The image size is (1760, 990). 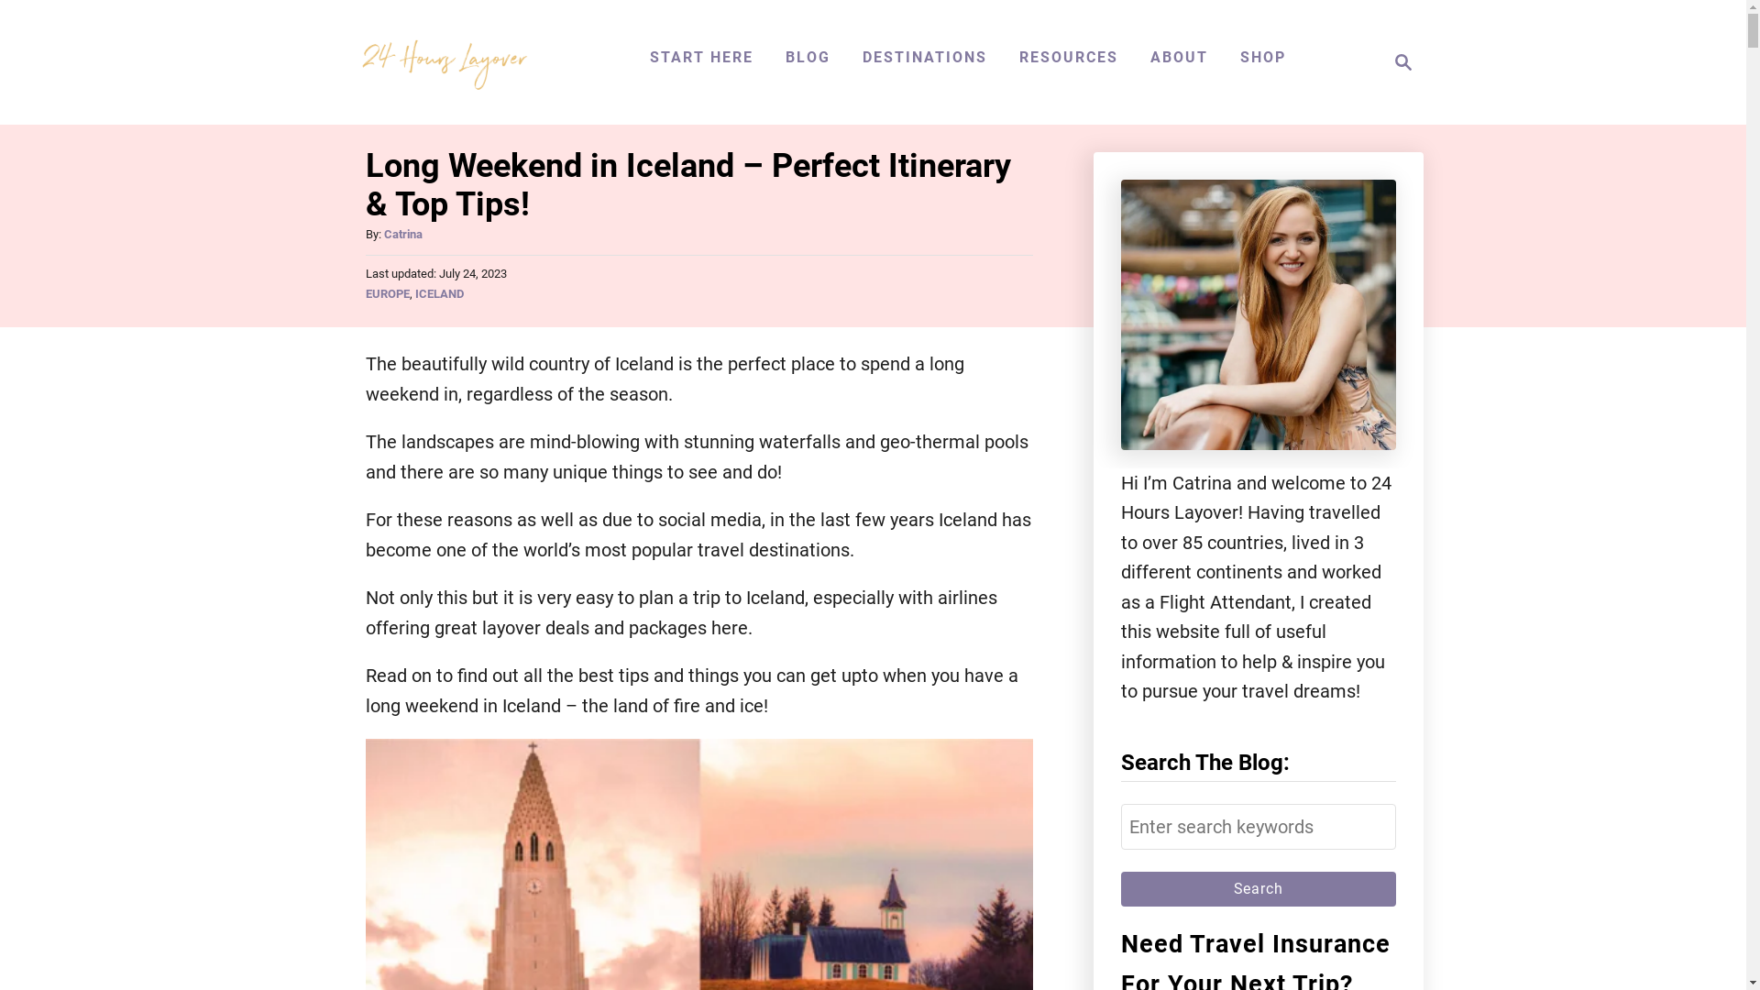 I want to click on 'EUROPE', so click(x=386, y=292).